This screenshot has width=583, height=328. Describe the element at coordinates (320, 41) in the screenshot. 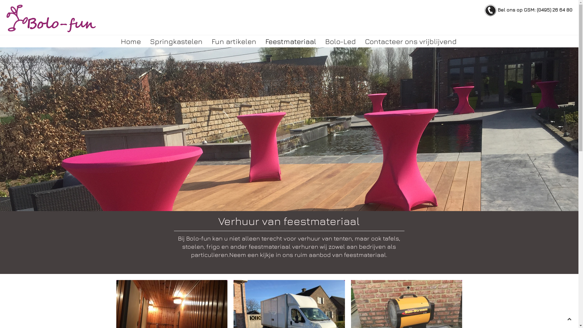

I see `'Bolo-Led'` at that location.